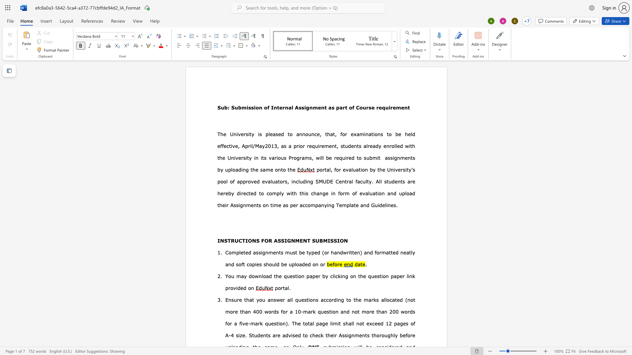 The image size is (632, 355). Describe the element at coordinates (397, 323) in the screenshot. I see `the space between the continuous character "p" and "a" in the text` at that location.